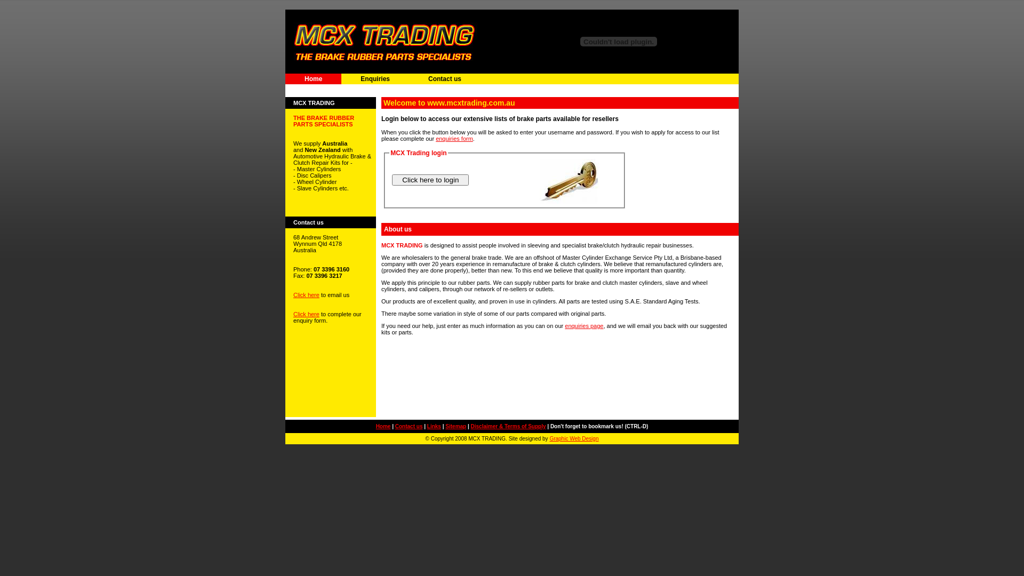  I want to click on 'Graphic Web Design', so click(573, 438).